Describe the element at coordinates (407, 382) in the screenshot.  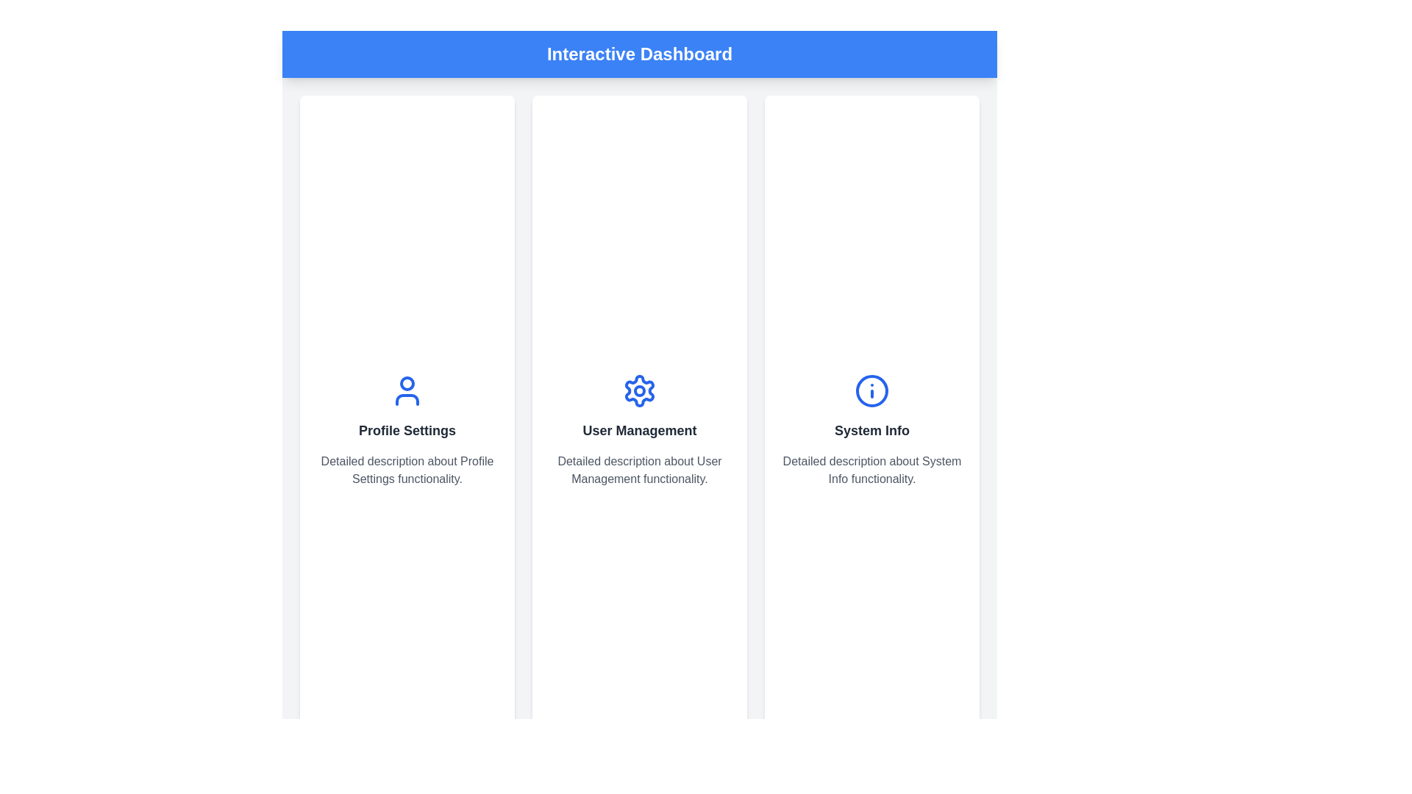
I see `the circular icon element that is part of the user profile icon above the 'Profile Settings' section` at that location.